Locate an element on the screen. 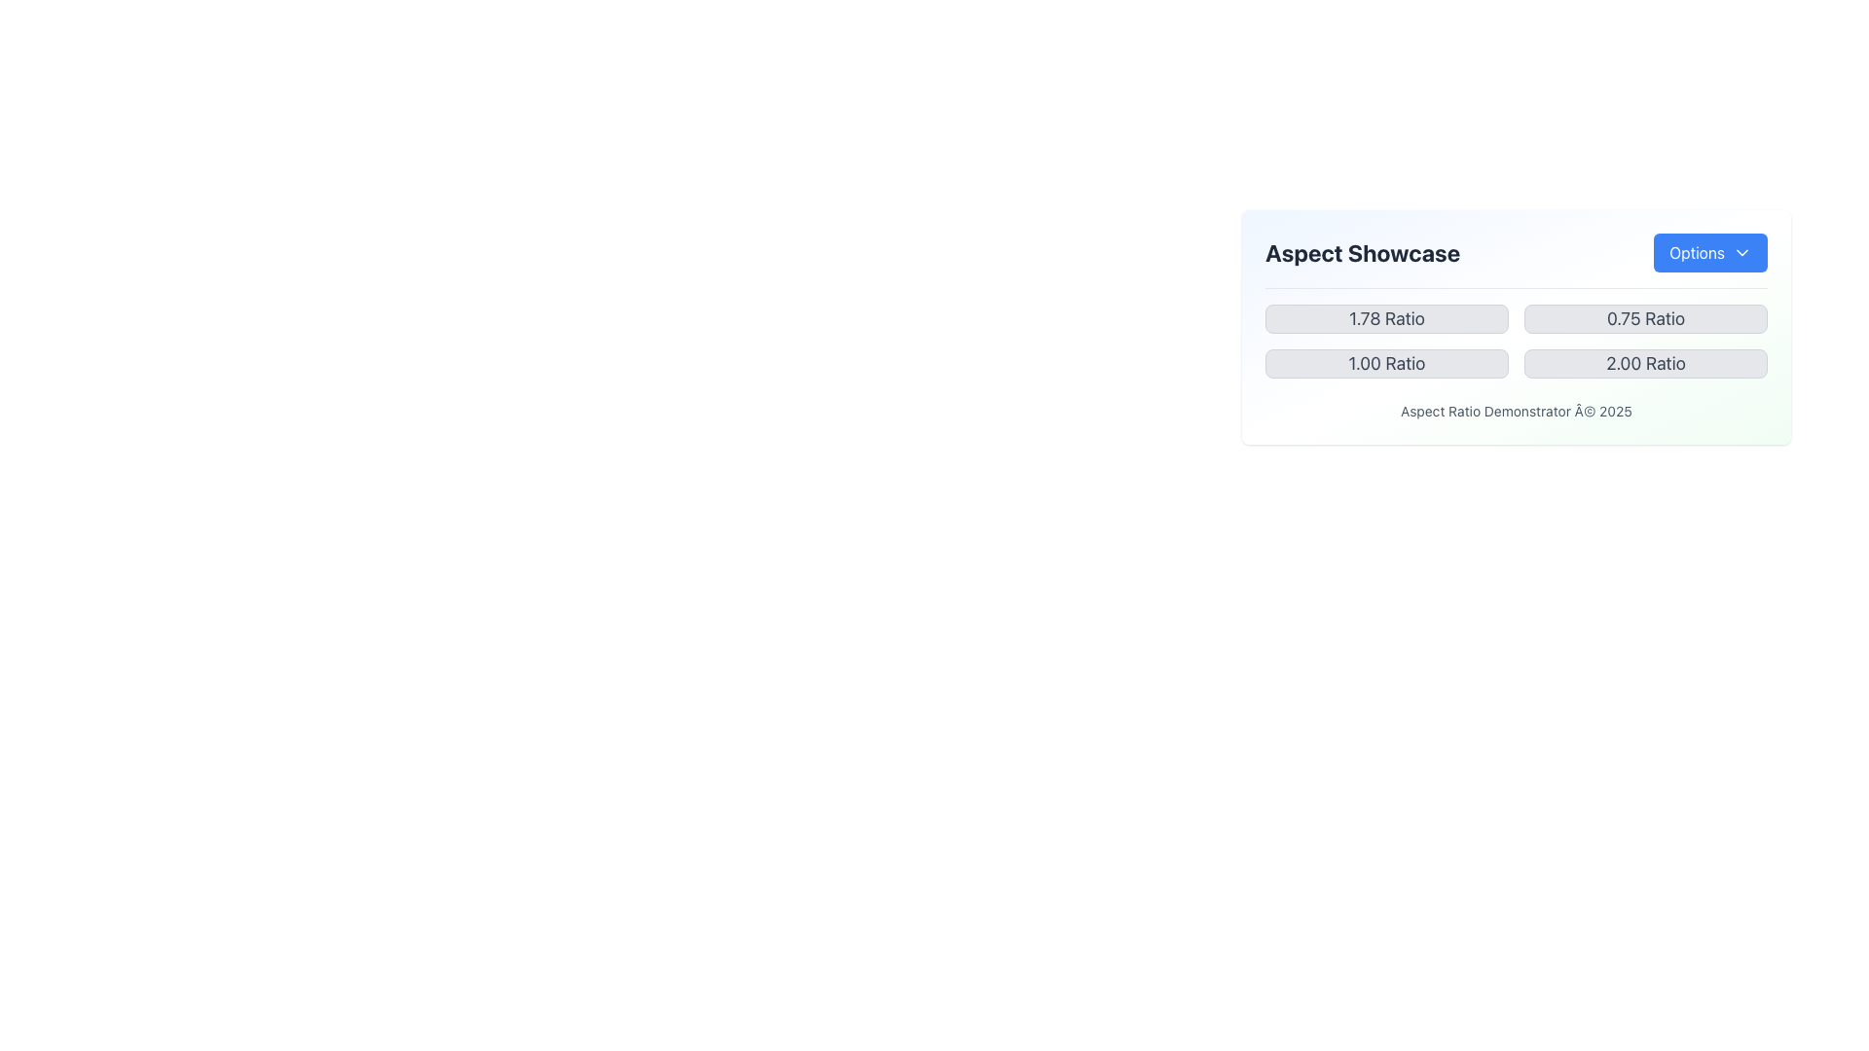  the visual indicator icon located at the right end of the blue rectangular 'Options' button is located at coordinates (1742, 251).